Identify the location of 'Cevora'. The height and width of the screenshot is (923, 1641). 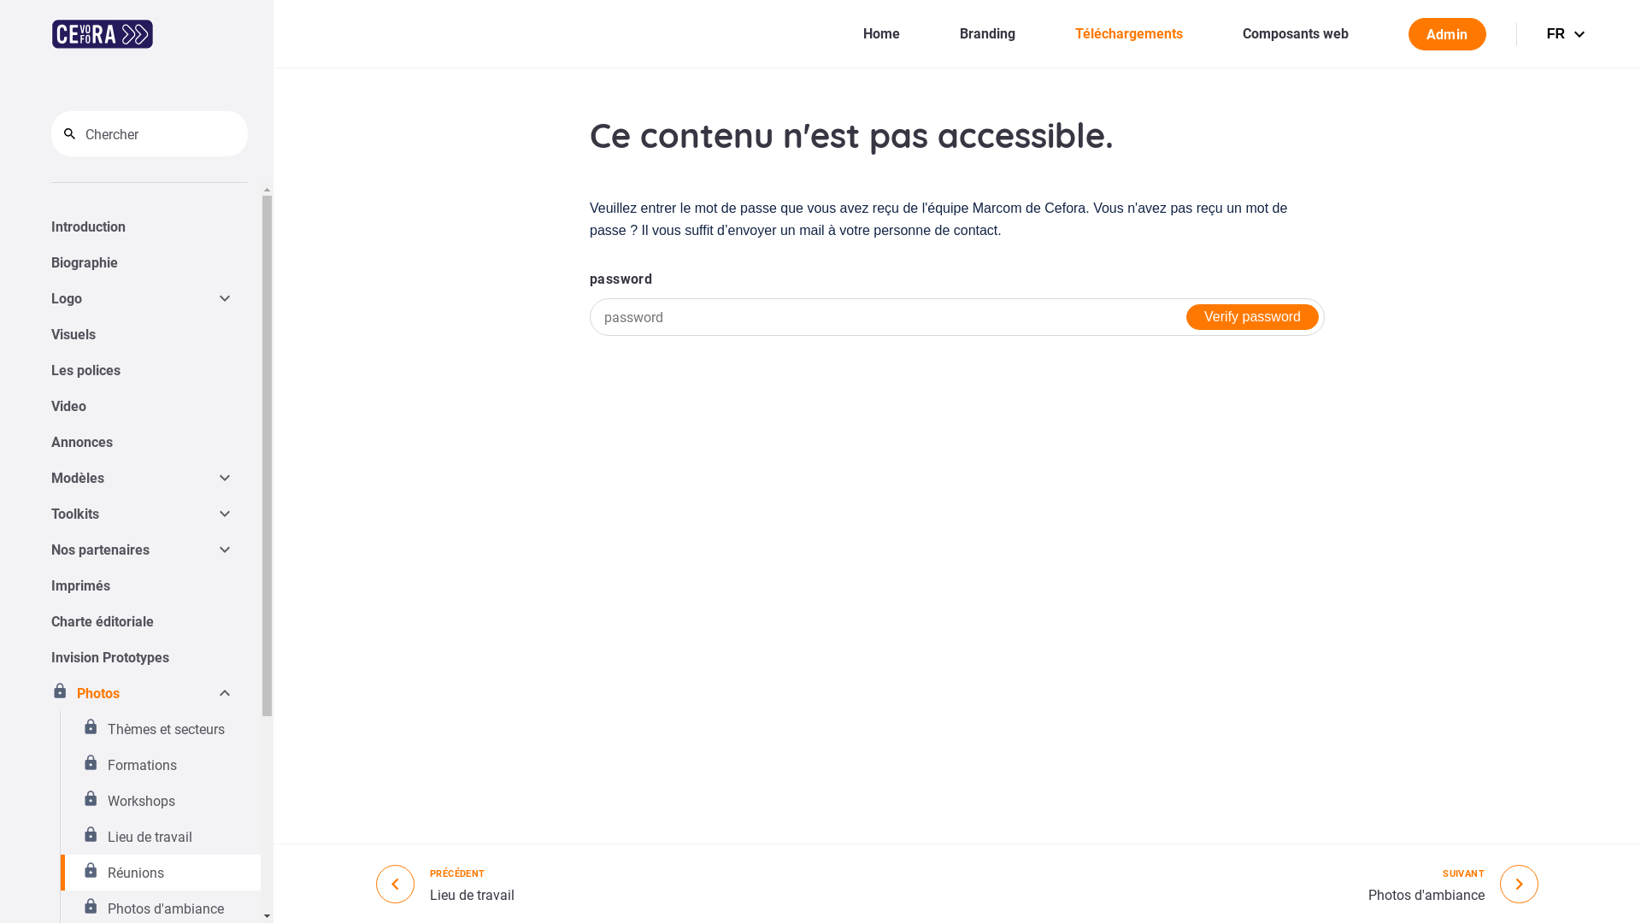
(50, 33).